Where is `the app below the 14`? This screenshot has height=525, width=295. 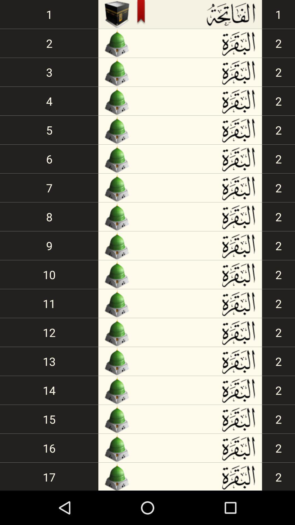
the app below the 14 is located at coordinates (49, 419).